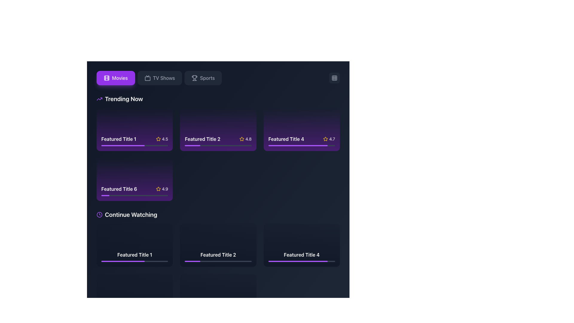 This screenshot has height=323, width=574. What do you see at coordinates (218, 139) in the screenshot?
I see `the informational display element located in the second position from the left in the 'Trending Now' section, which provides a title and rating for a featured item` at bounding box center [218, 139].